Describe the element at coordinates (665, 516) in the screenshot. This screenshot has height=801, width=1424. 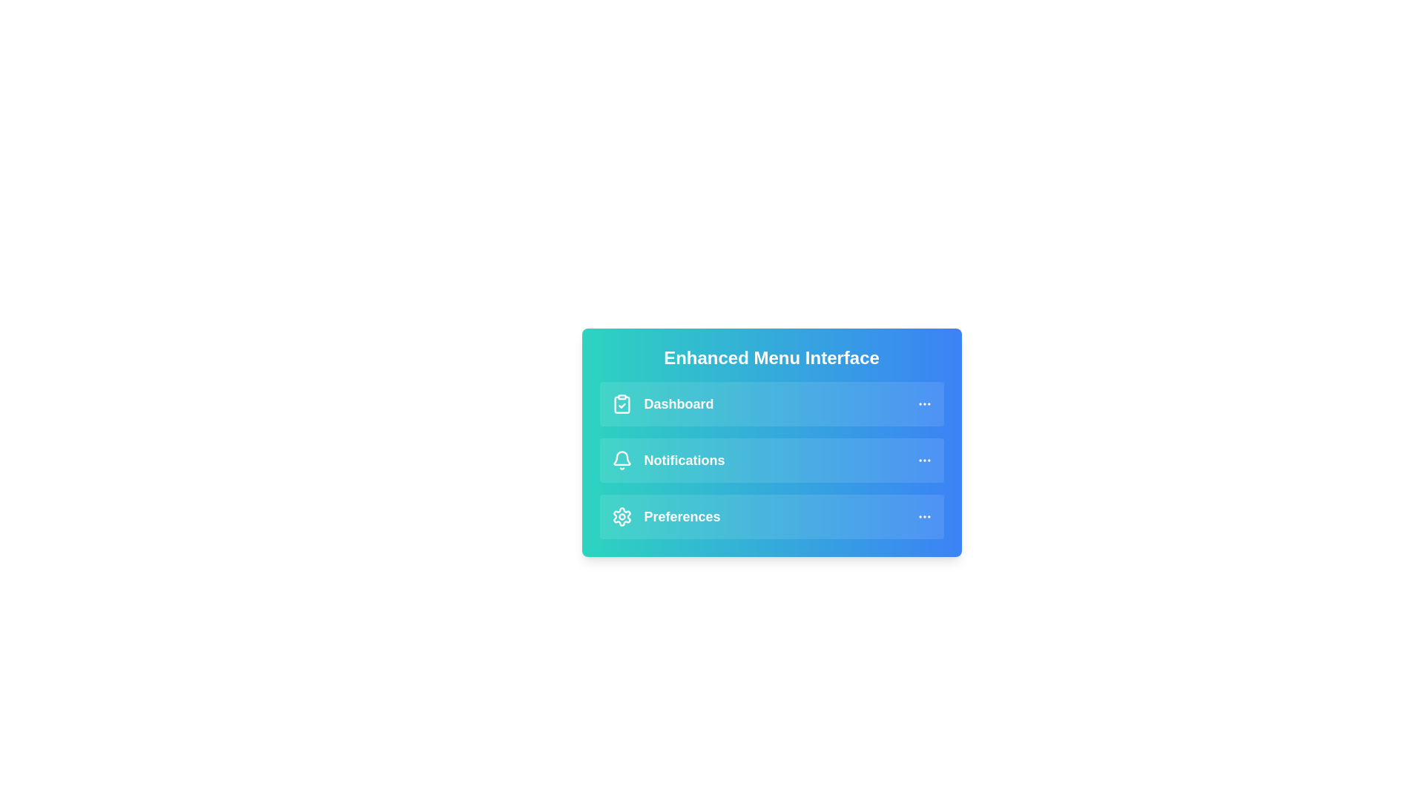
I see `the 'Preferences' button, which features a gear icon and bold text, located at the bottom of the vertical menu list` at that location.